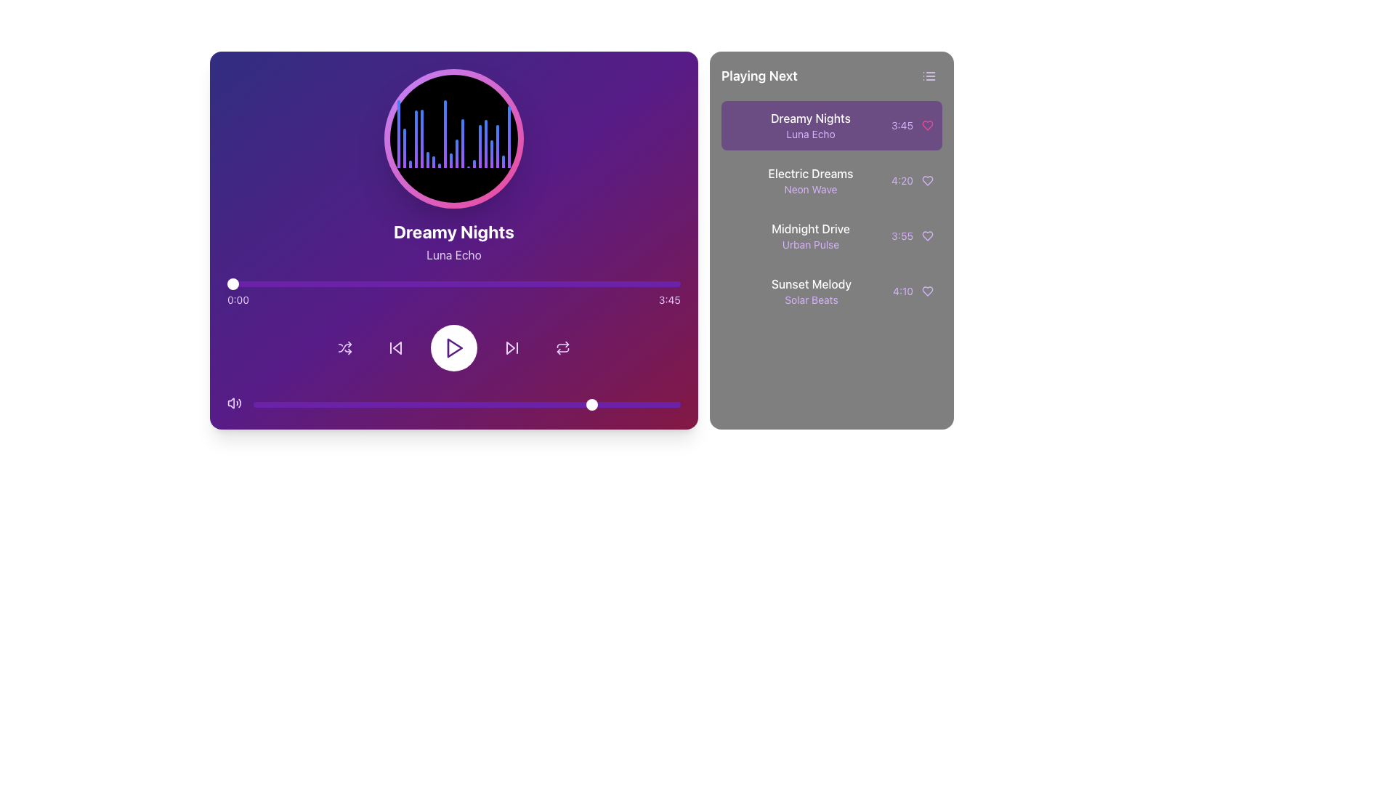  What do you see at coordinates (562, 347) in the screenshot?
I see `the repeat icon button, which is styled with two circular arrows in white on a purple background, located to the immediate right of the play button in the music player section` at bounding box center [562, 347].